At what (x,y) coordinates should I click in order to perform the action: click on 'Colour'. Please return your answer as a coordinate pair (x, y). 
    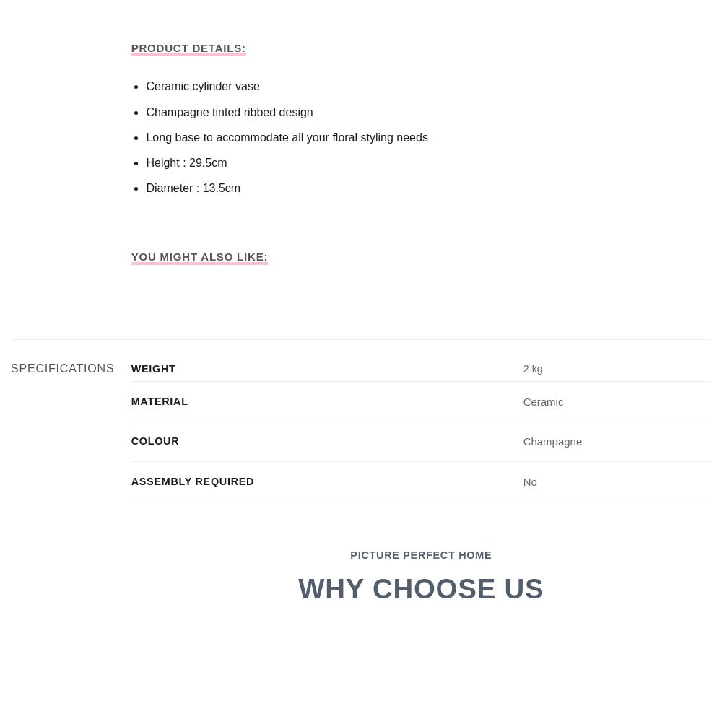
    Looking at the image, I should click on (154, 440).